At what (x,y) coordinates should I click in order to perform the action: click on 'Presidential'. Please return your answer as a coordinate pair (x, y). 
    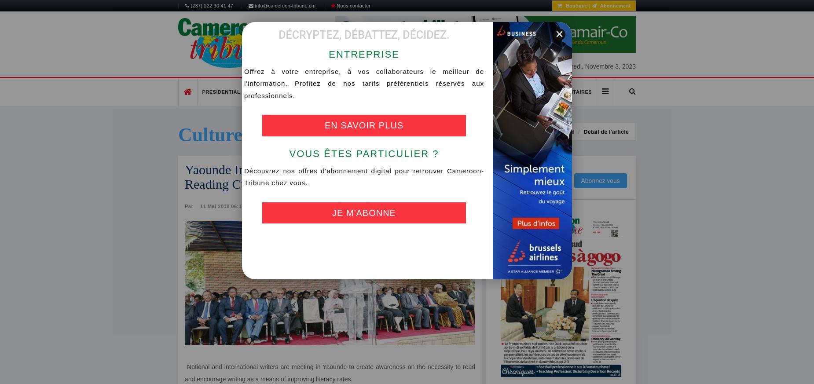
    Looking at the image, I should click on (221, 91).